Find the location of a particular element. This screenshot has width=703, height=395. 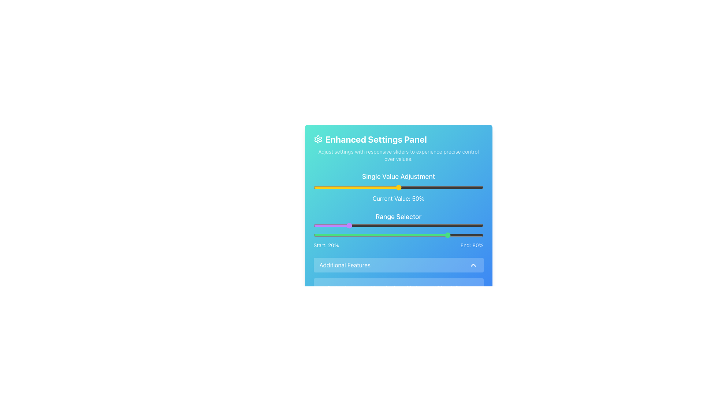

the range slider handle to change its position, which adjusts the value displayed dynamically between 0 and 100, currently showing '50%' is located at coordinates (398, 187).